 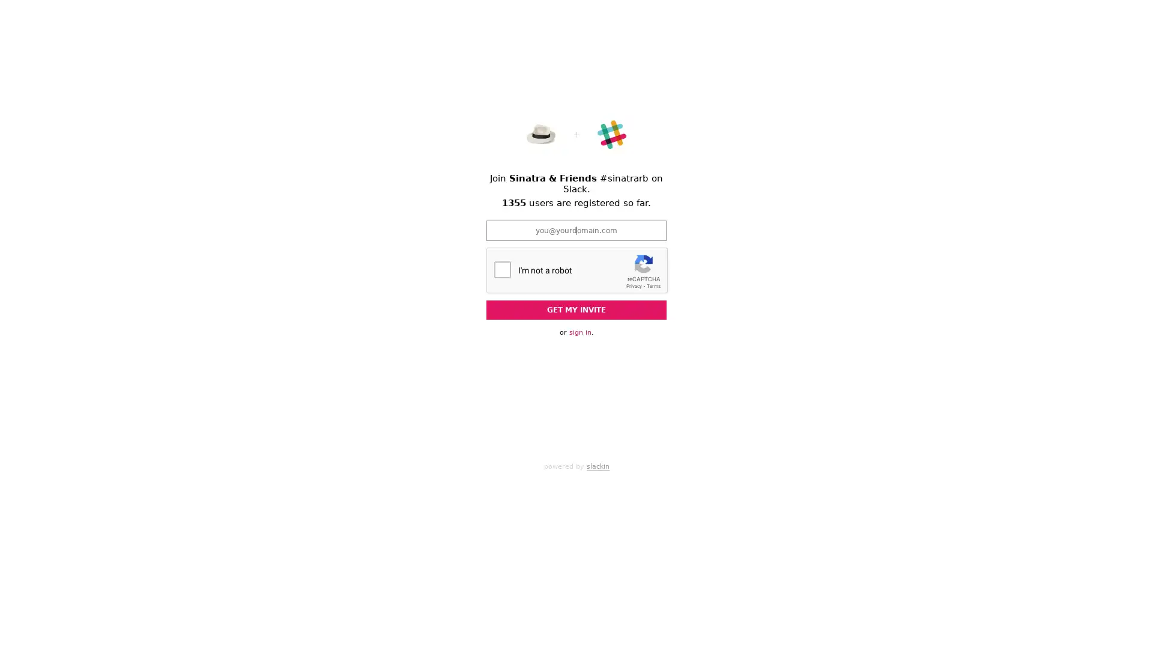 I want to click on GET MY INVITE, so click(x=576, y=309).